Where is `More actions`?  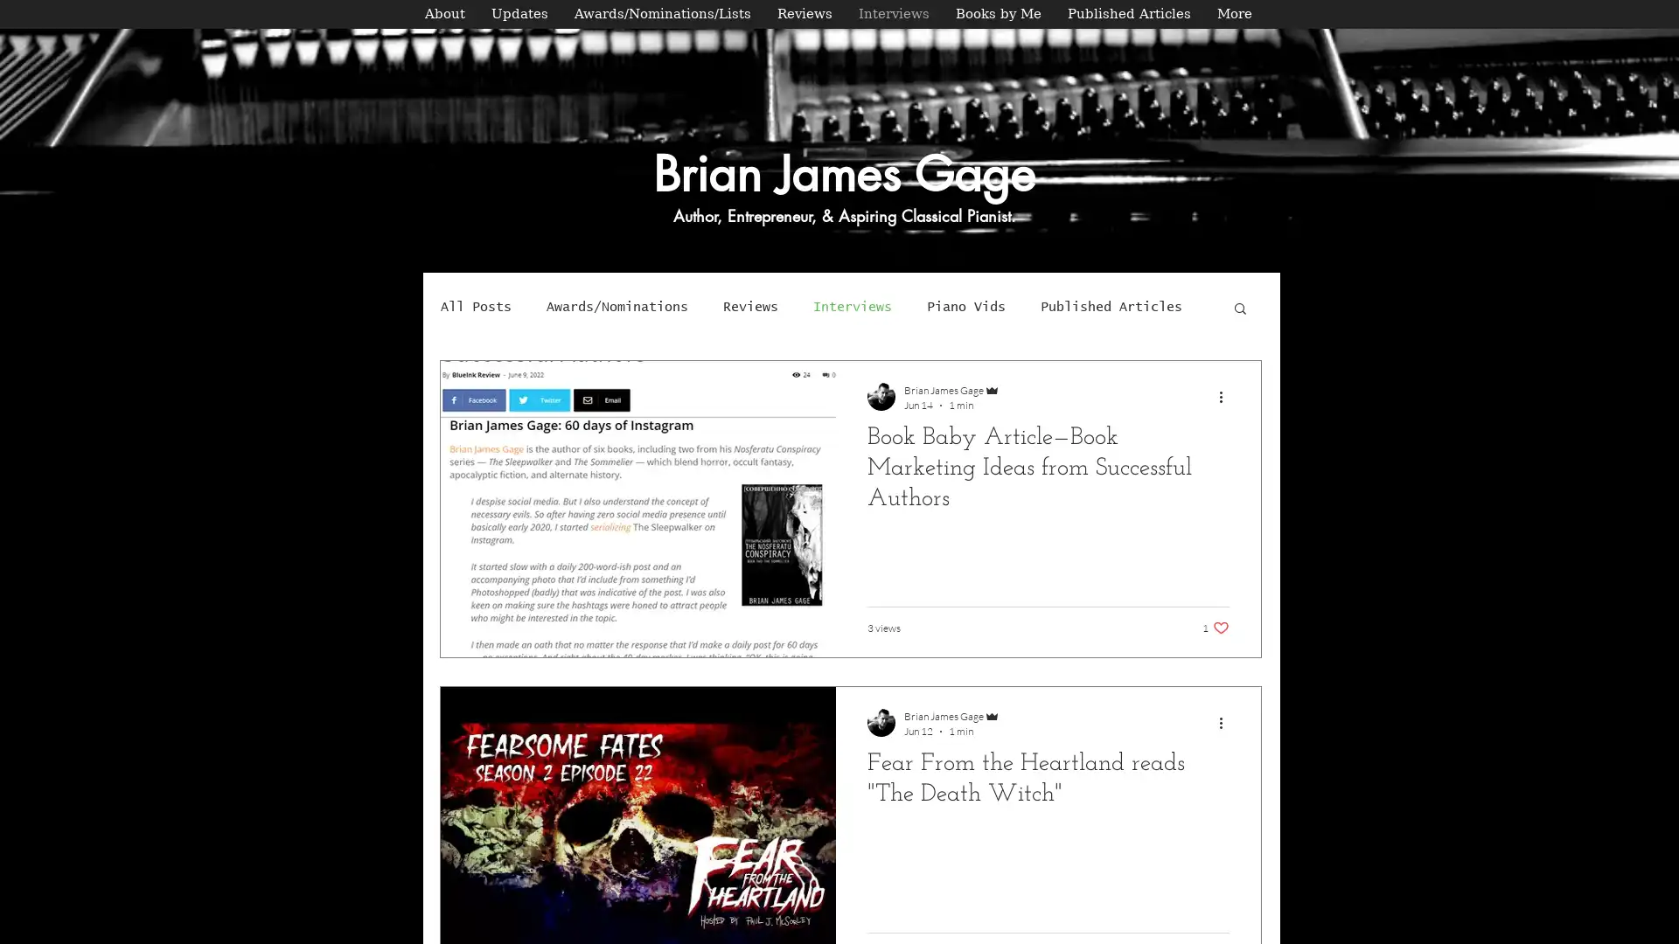
More actions is located at coordinates (1225, 722).